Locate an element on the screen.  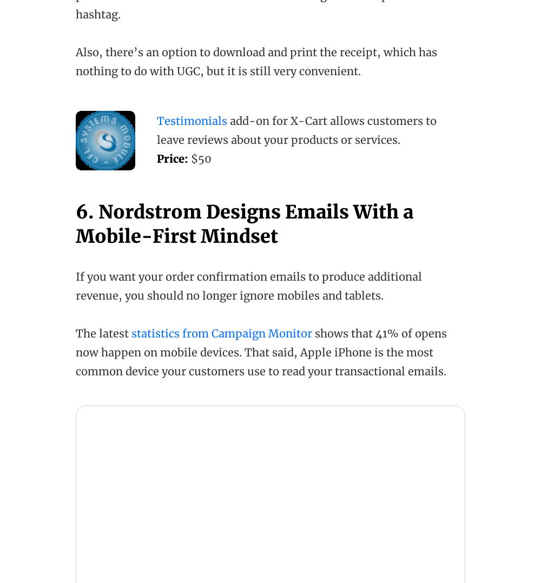
'The latest' is located at coordinates (103, 333).